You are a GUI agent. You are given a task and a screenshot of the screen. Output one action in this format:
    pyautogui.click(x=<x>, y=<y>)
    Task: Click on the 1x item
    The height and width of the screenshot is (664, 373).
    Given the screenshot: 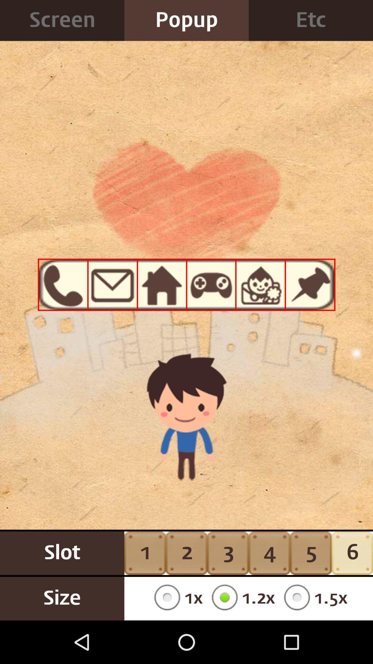 What is the action you would take?
    pyautogui.click(x=175, y=598)
    